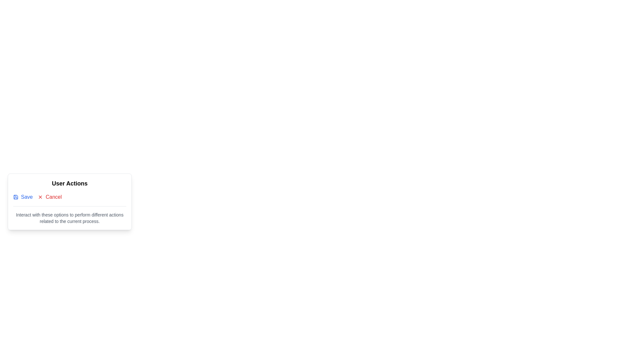 The height and width of the screenshot is (349, 620). What do you see at coordinates (15, 196) in the screenshot?
I see `the decorative Save icon located within the 'Save' button at the top left corner of the 'User Actions' panel` at bounding box center [15, 196].